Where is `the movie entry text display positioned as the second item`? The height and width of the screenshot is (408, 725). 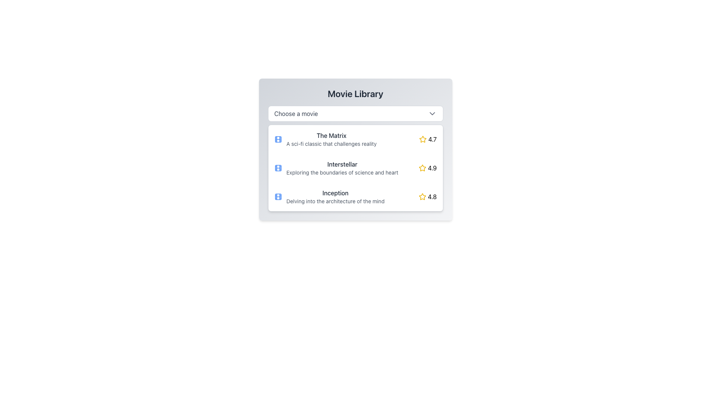 the movie entry text display positioned as the second item is located at coordinates (342, 167).